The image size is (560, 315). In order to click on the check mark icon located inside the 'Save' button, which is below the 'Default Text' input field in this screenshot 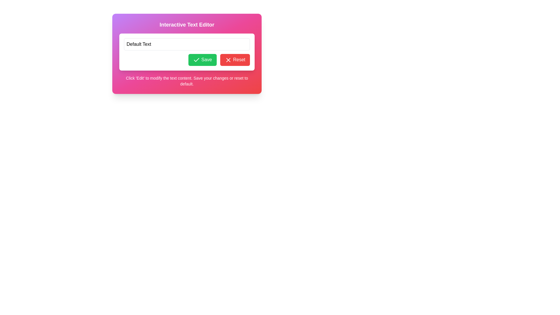, I will do `click(196, 60)`.